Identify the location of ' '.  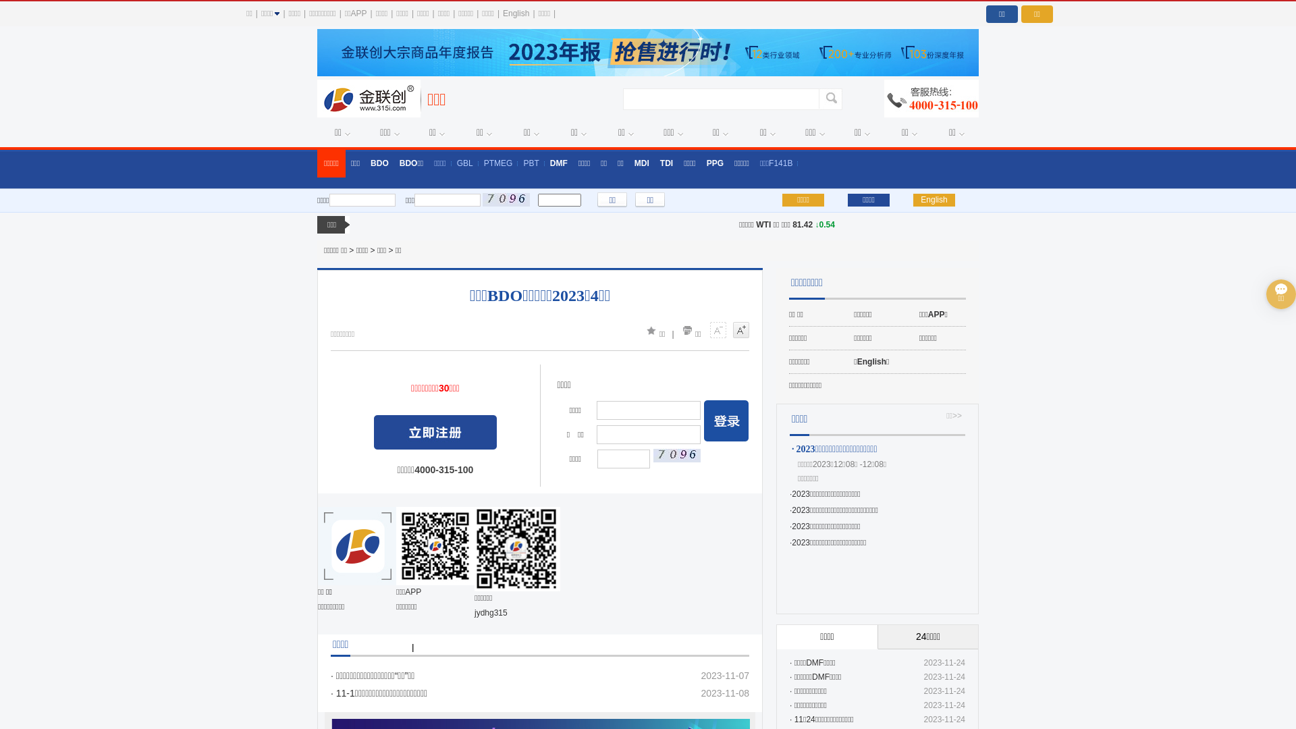
(435, 432).